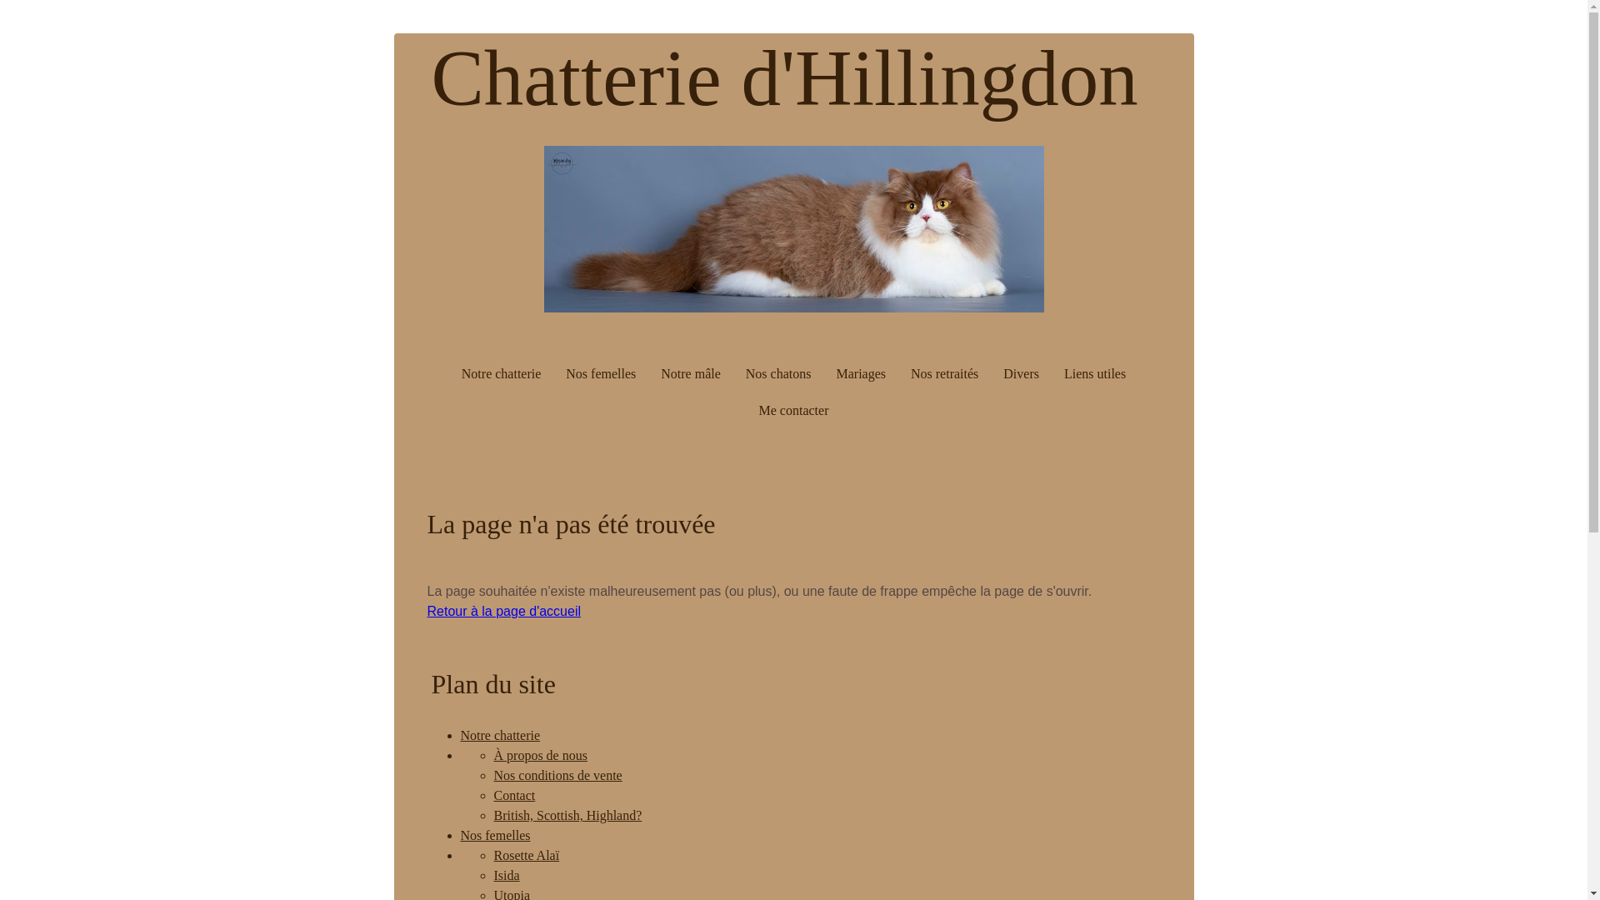 This screenshot has height=900, width=1600. What do you see at coordinates (500, 372) in the screenshot?
I see `'Notre chatterie'` at bounding box center [500, 372].